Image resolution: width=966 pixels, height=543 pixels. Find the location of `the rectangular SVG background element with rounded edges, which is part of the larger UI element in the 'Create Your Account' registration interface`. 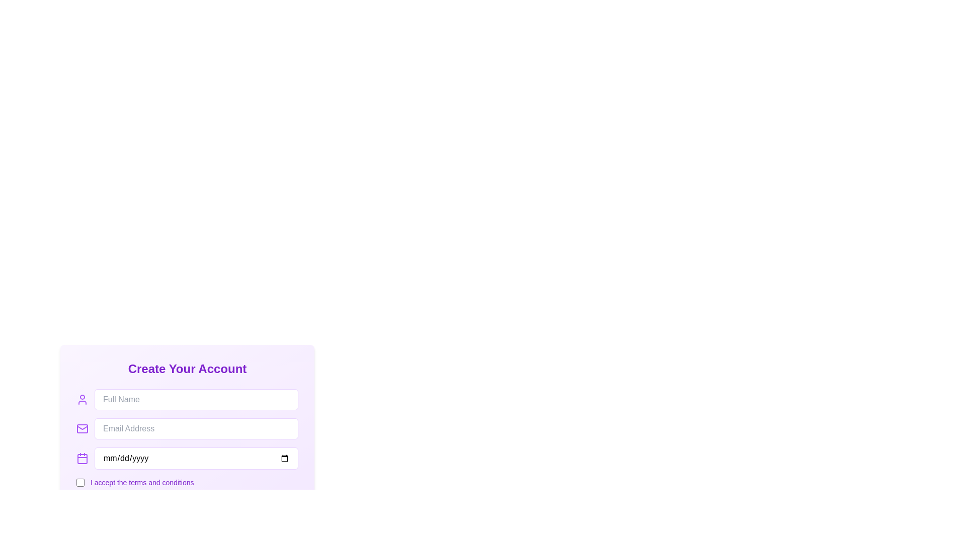

the rectangular SVG background element with rounded edges, which is part of the larger UI element in the 'Create Your Account' registration interface is located at coordinates (82, 428).